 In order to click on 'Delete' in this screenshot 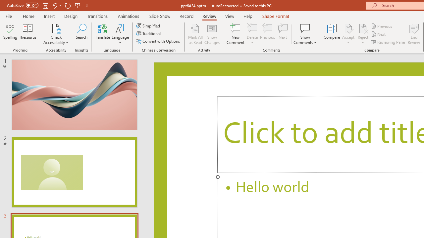, I will do `click(252, 34)`.